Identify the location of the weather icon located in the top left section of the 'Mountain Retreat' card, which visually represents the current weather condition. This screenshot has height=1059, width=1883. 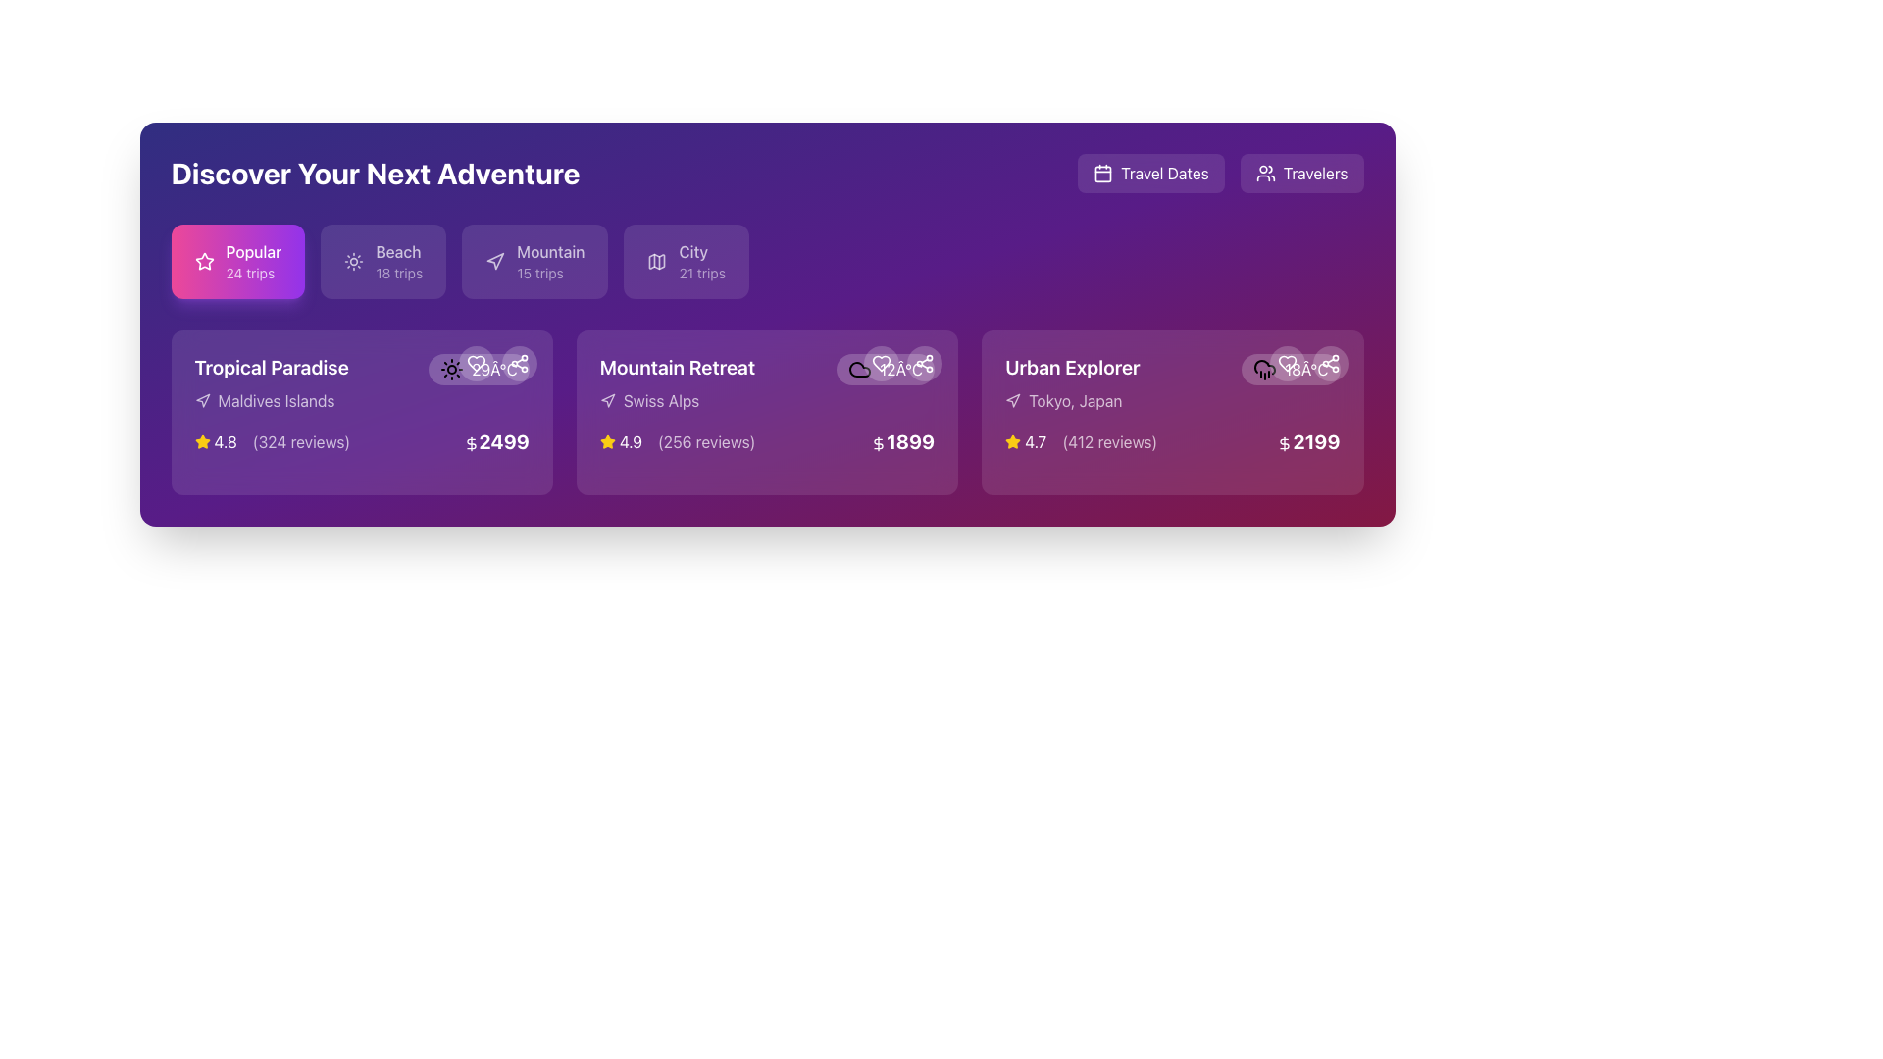
(860, 370).